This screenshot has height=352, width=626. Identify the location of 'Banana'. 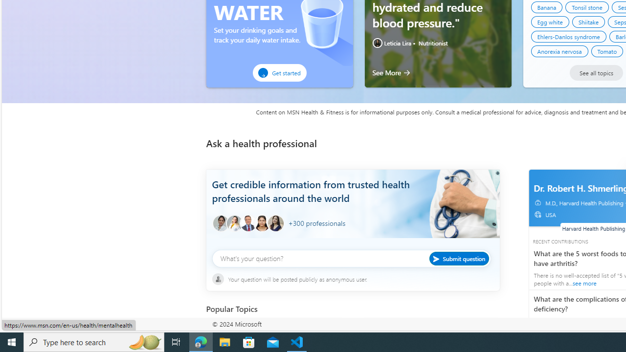
(546, 7).